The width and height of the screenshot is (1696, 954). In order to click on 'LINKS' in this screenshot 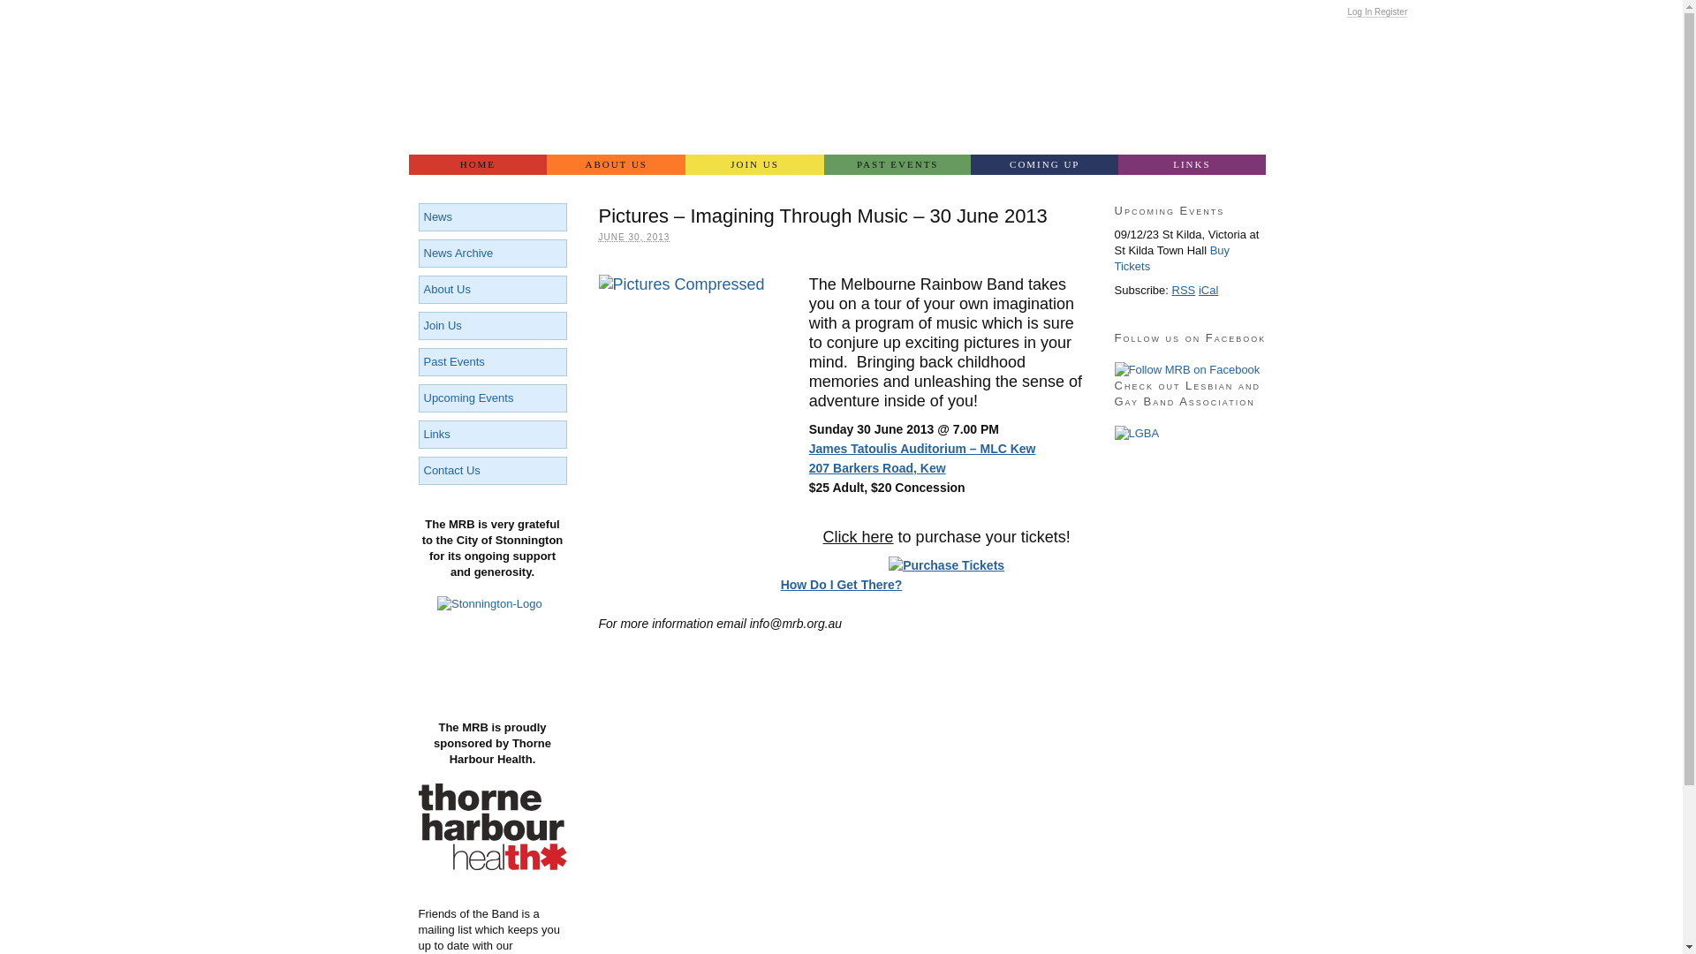, I will do `click(1192, 164)`.